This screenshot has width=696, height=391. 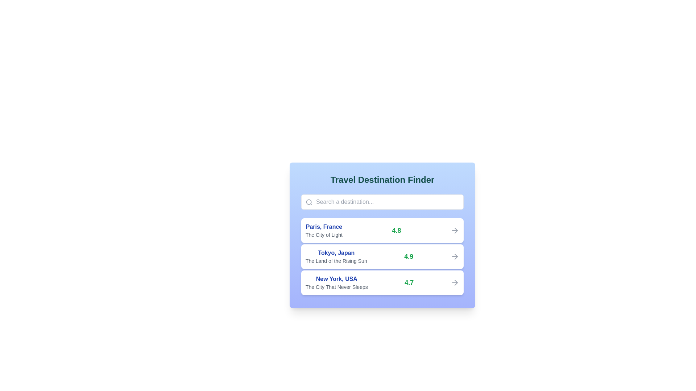 What do you see at coordinates (456, 230) in the screenshot?
I see `the design of the tip of the rightward-pointing arrow icon that visually represents moving forward, located to the right of the listed item 'Paris, France'` at bounding box center [456, 230].